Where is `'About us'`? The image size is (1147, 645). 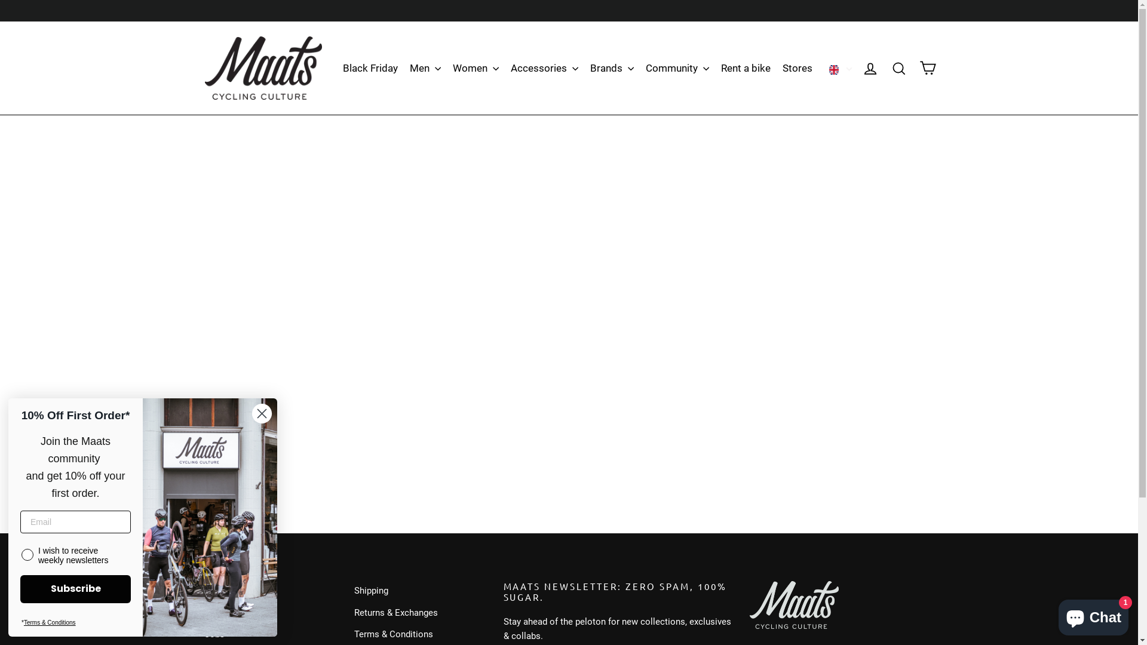 'About us' is located at coordinates (269, 613).